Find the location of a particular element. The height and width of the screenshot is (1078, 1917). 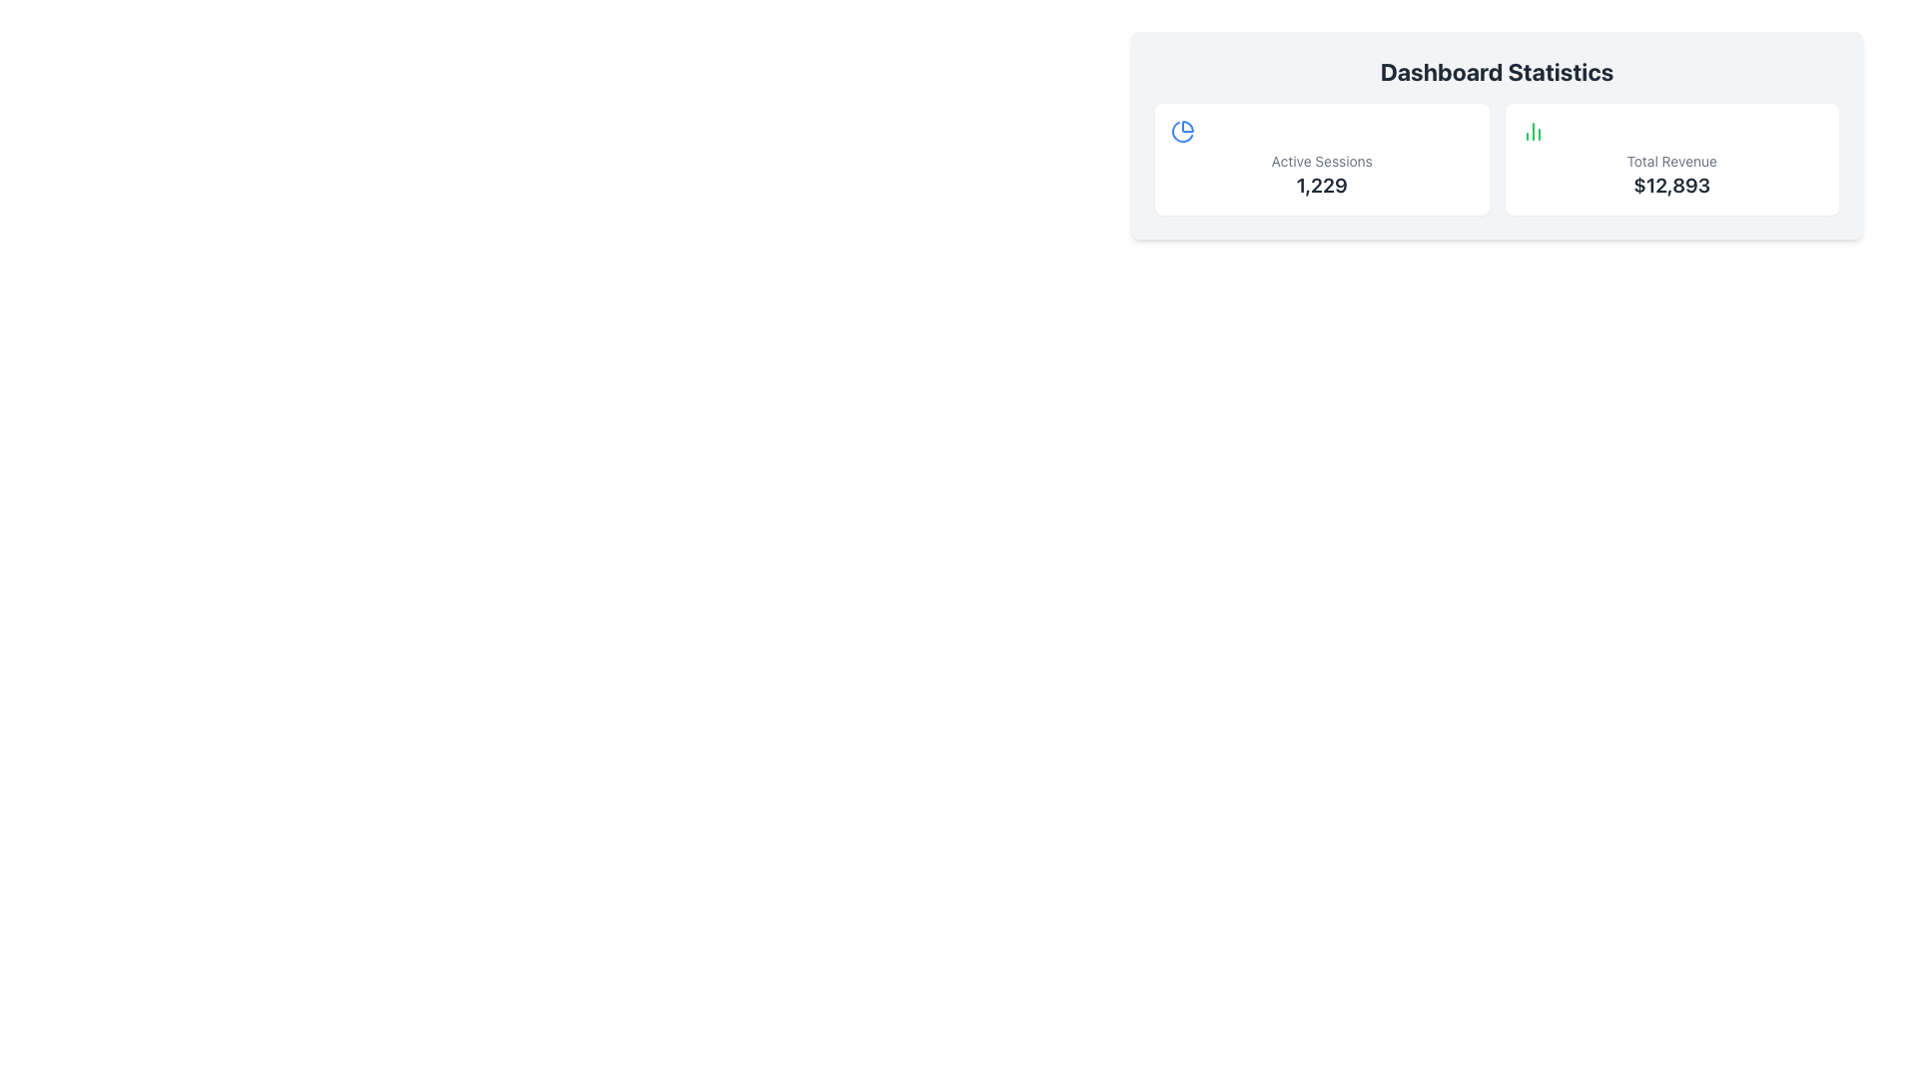

the text displaying the count of active sessions is located at coordinates (1322, 185).